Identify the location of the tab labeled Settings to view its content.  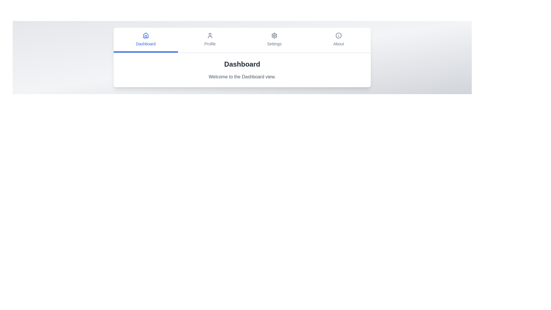
(274, 40).